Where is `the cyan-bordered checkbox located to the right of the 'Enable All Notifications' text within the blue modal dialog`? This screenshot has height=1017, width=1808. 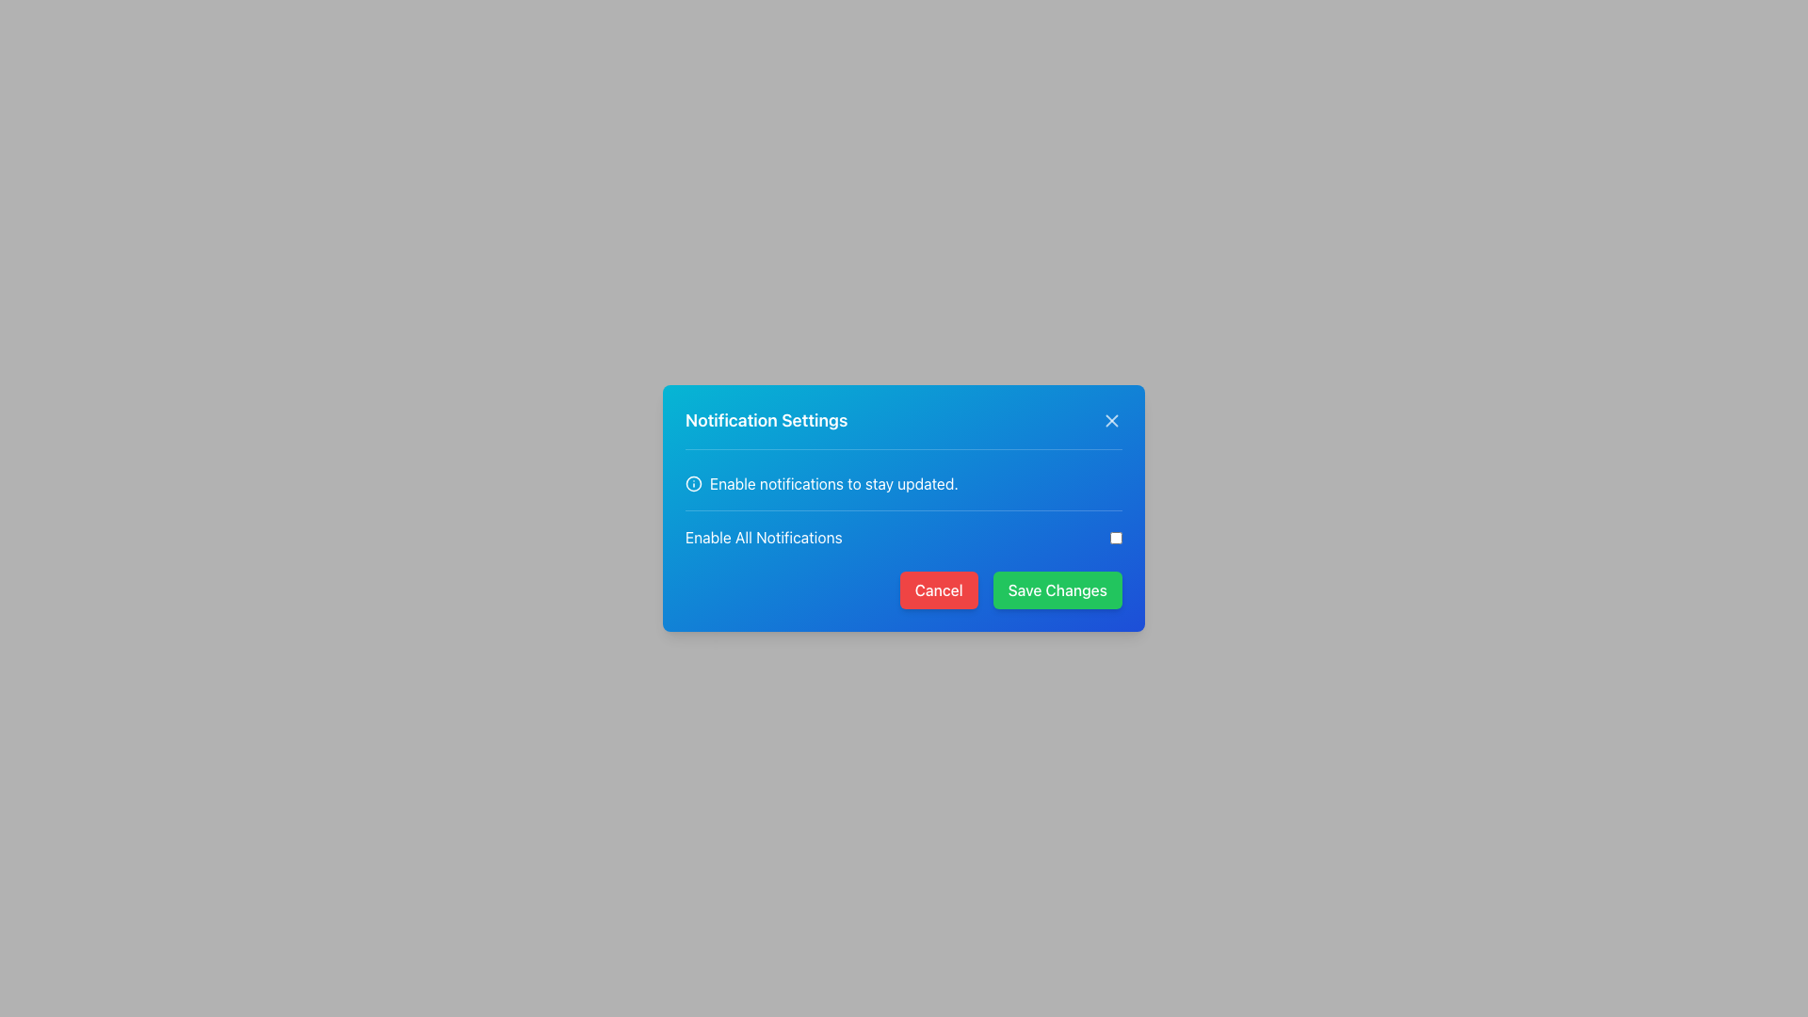
the cyan-bordered checkbox located to the right of the 'Enable All Notifications' text within the blue modal dialog is located at coordinates (1116, 537).